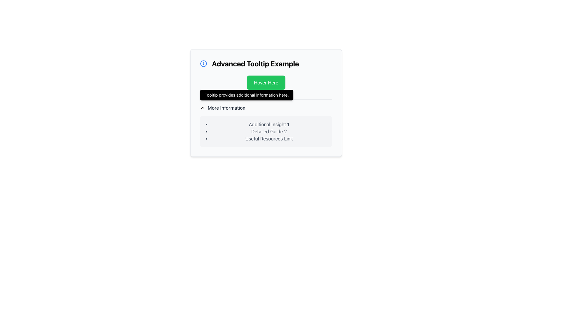 The image size is (569, 320). What do you see at coordinates (203, 64) in the screenshot?
I see `the information indicator icon located to the left of the text 'Advanced Tooltip Example'` at bounding box center [203, 64].